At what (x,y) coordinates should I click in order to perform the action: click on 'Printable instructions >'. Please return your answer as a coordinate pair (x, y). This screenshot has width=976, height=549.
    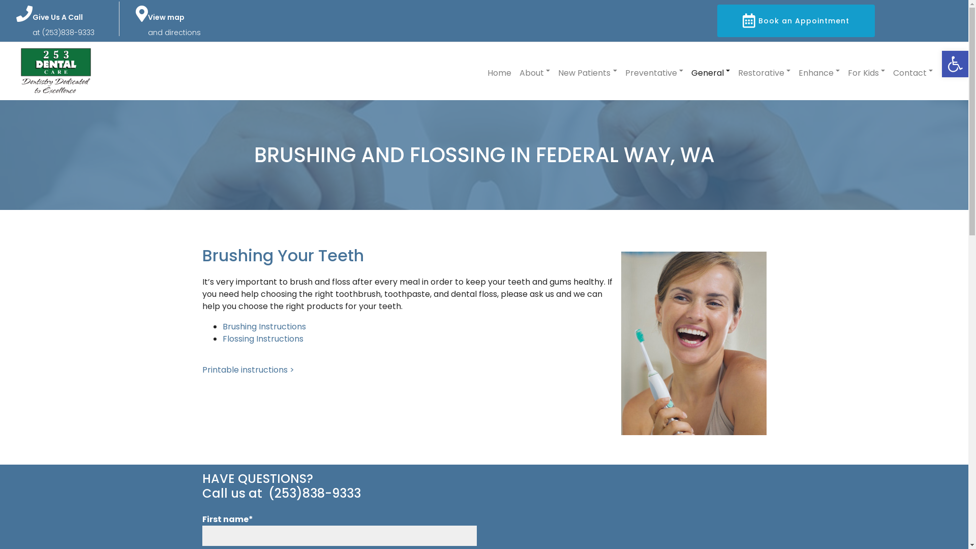
    Looking at the image, I should click on (248, 370).